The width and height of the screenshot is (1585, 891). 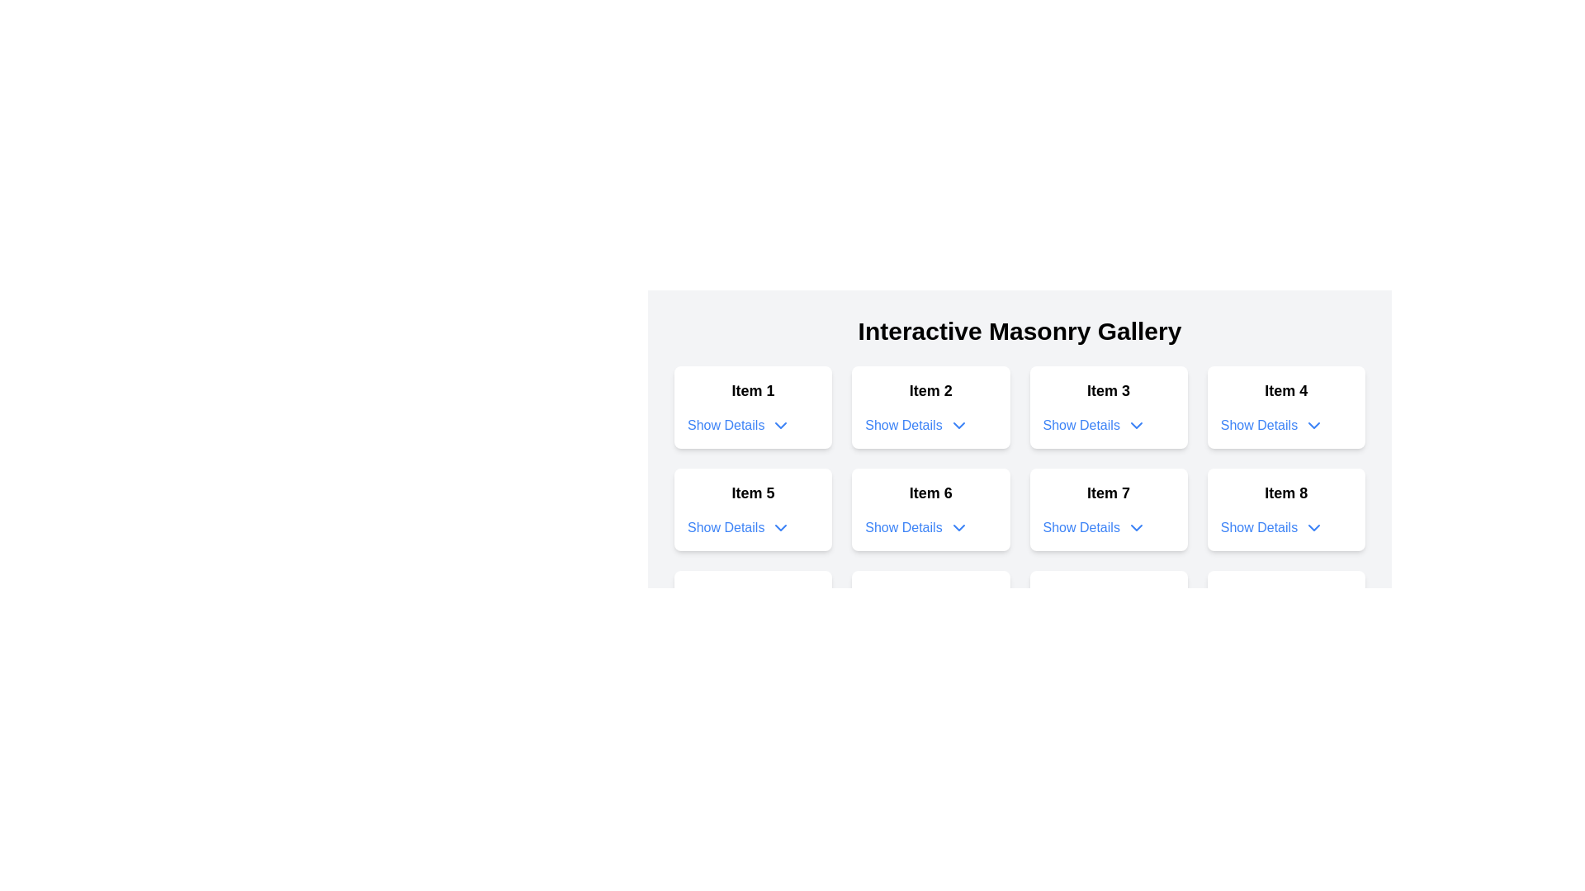 What do you see at coordinates (1109, 492) in the screenshot?
I see `the Text label located in the seventh card of the interactive masonry grid layout, positioned above the 'Show Details' link` at bounding box center [1109, 492].